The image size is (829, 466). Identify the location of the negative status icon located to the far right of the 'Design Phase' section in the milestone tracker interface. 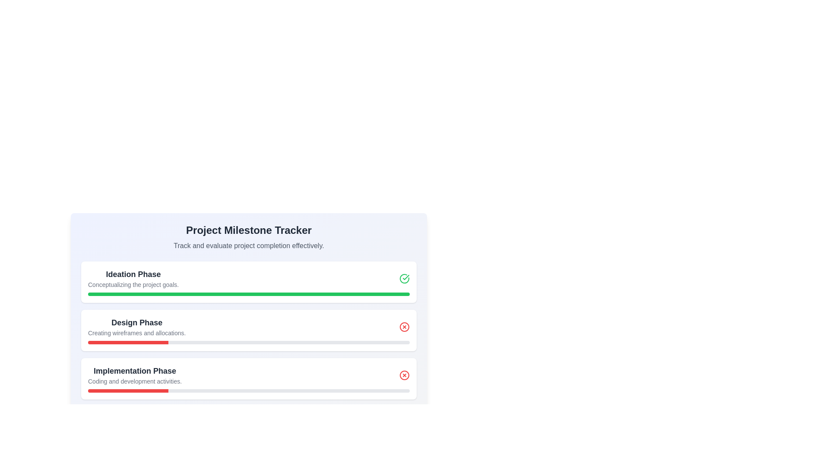
(404, 327).